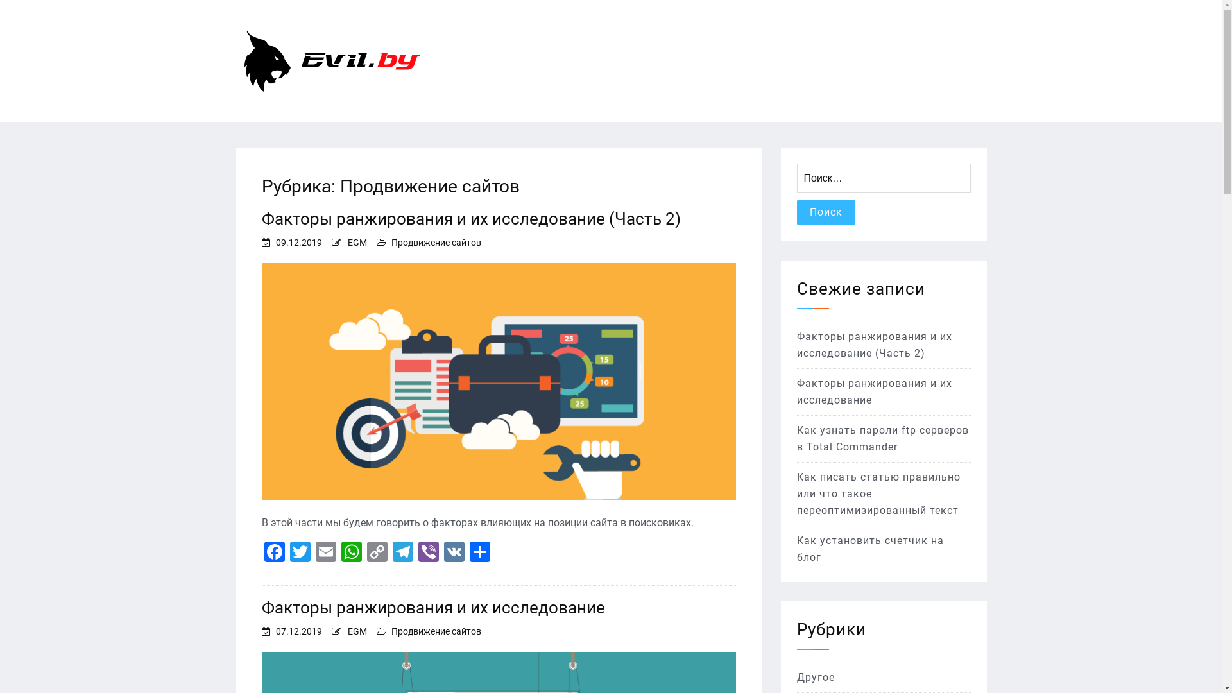 The image size is (1232, 693). What do you see at coordinates (416, 552) in the screenshot?
I see `'Viber'` at bounding box center [416, 552].